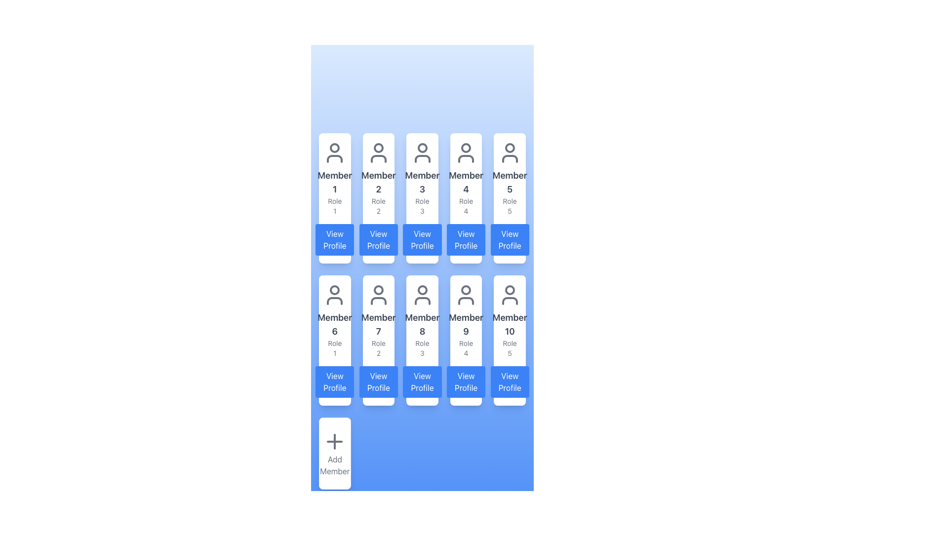 This screenshot has height=533, width=948. I want to click on the circular graphical element representing the user icon located in the second member card of the first row in the grid, so click(378, 148).